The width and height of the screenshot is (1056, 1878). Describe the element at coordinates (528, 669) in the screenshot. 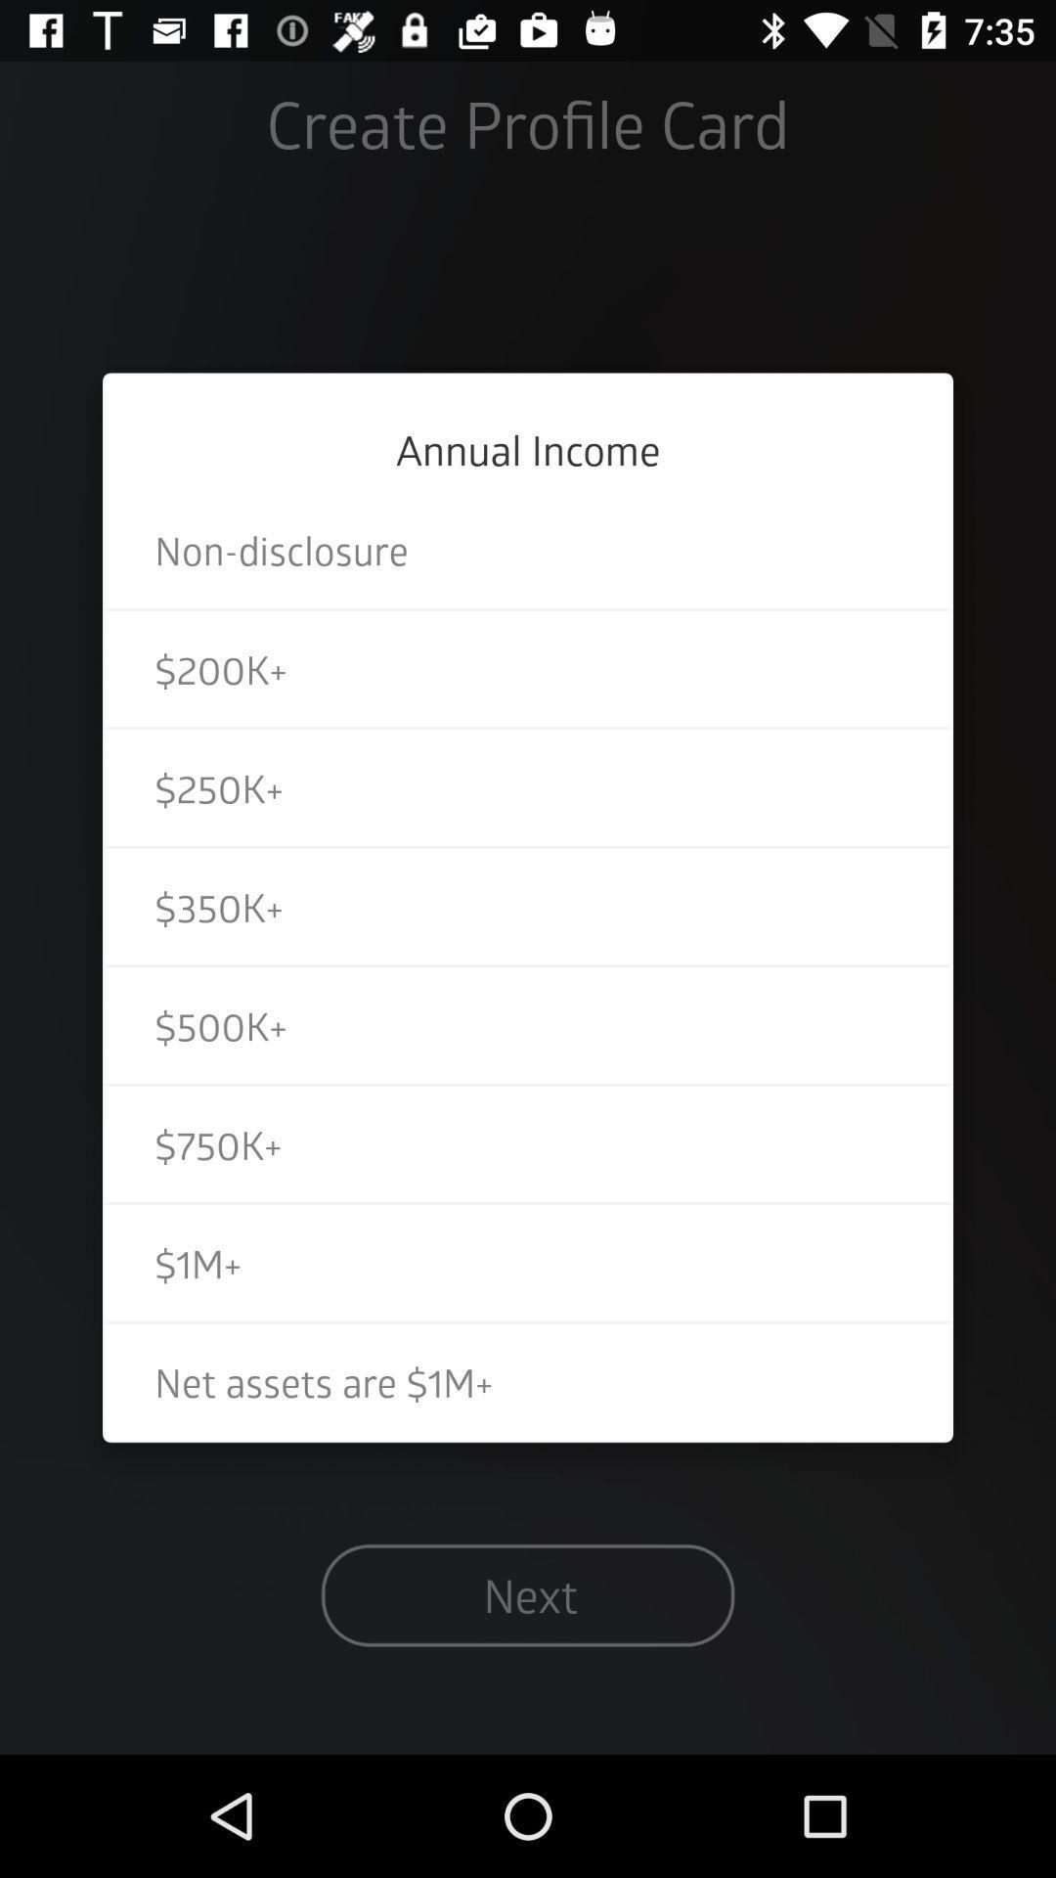

I see `item below non-disclosure` at that location.